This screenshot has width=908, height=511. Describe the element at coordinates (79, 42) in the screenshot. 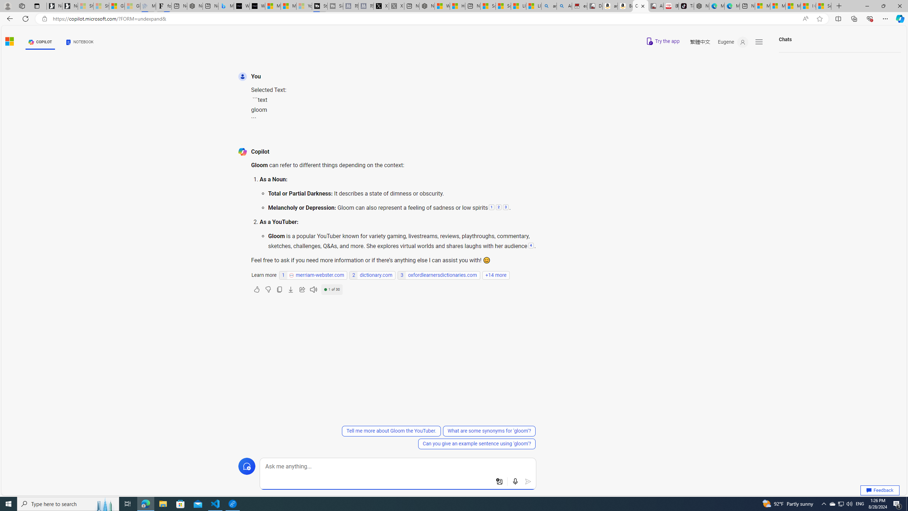

I see `'NOTEBOOK'` at that location.